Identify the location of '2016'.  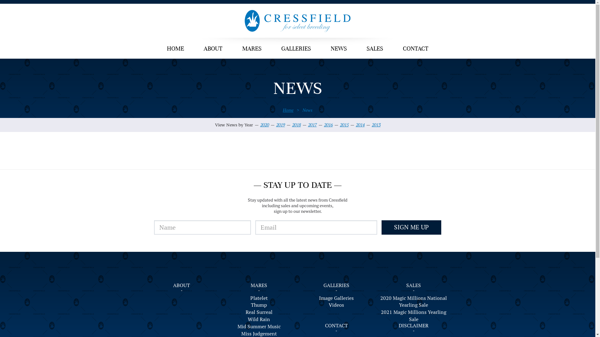
(328, 125).